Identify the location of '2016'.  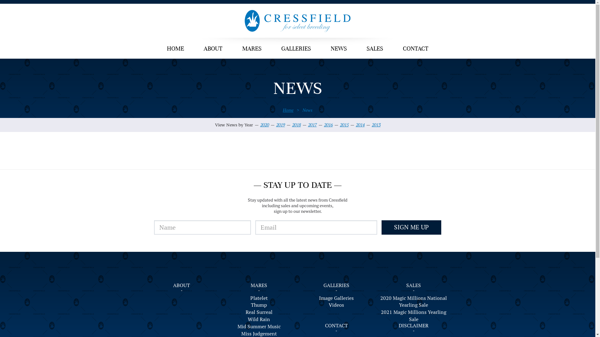
(328, 125).